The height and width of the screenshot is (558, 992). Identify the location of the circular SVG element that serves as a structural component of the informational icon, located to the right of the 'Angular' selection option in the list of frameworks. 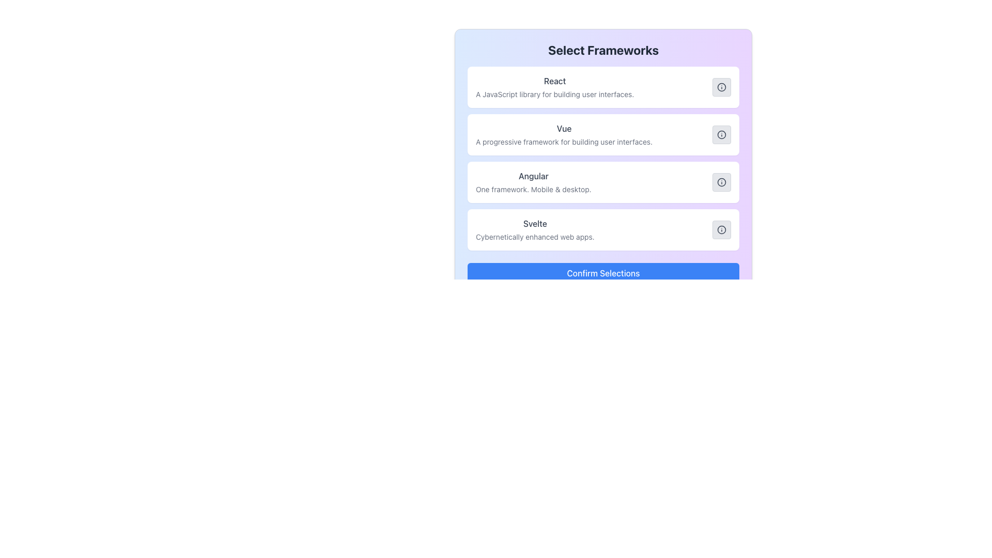
(721, 182).